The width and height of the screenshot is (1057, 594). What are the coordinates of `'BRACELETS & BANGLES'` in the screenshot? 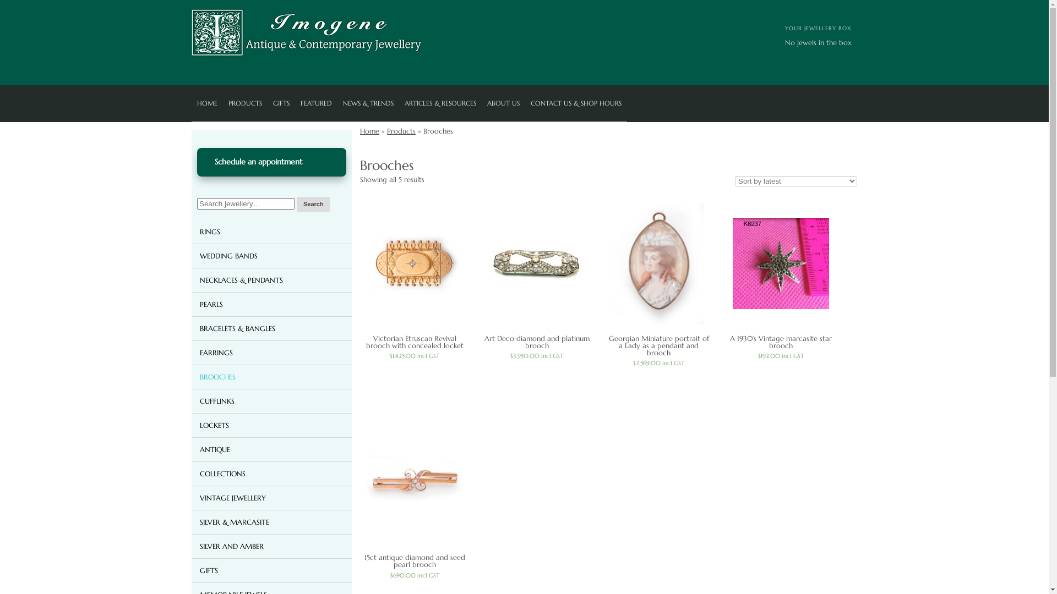 It's located at (271, 327).